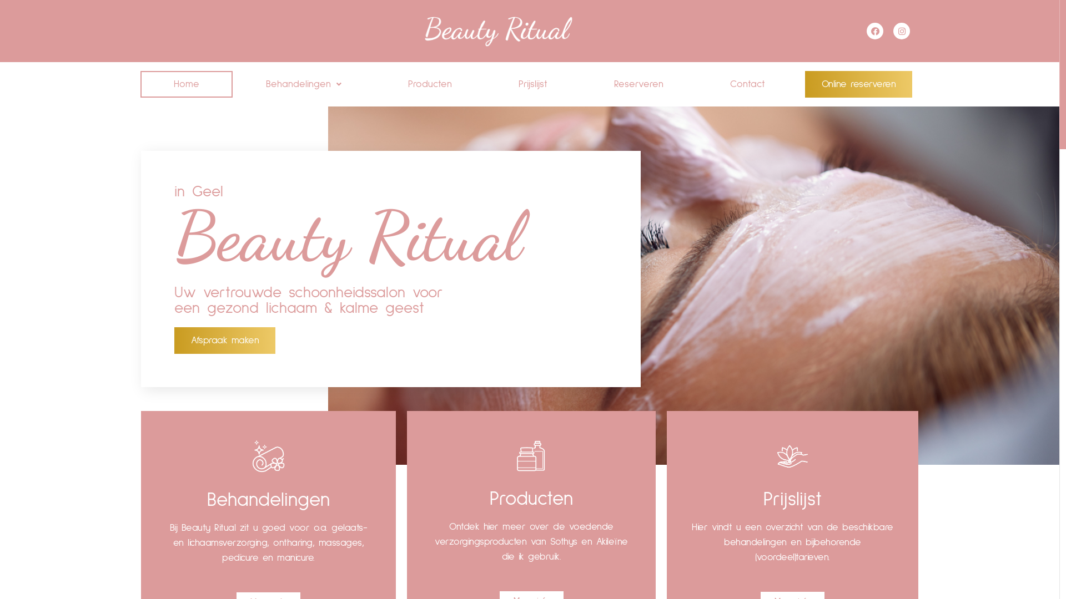 Image resolution: width=1066 pixels, height=599 pixels. What do you see at coordinates (638, 83) in the screenshot?
I see `'Reserveren'` at bounding box center [638, 83].